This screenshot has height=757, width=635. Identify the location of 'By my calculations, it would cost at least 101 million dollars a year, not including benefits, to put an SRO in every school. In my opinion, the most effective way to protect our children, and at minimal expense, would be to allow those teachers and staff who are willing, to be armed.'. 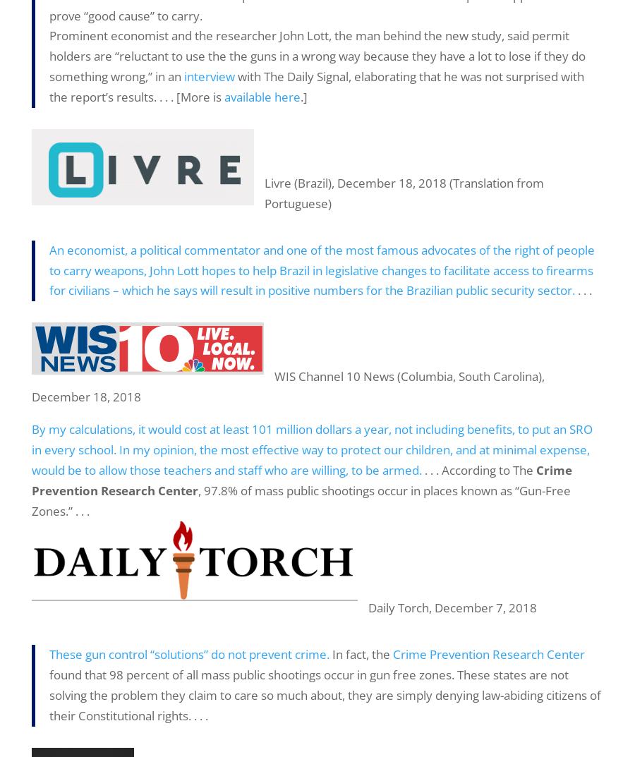
(31, 449).